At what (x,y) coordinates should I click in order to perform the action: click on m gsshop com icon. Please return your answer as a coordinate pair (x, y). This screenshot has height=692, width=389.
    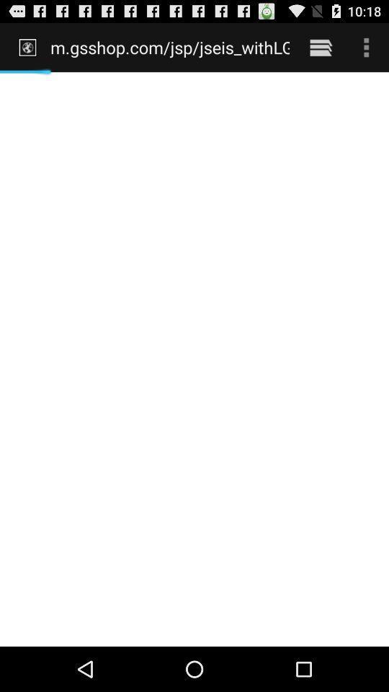
    Looking at the image, I should click on (169, 47).